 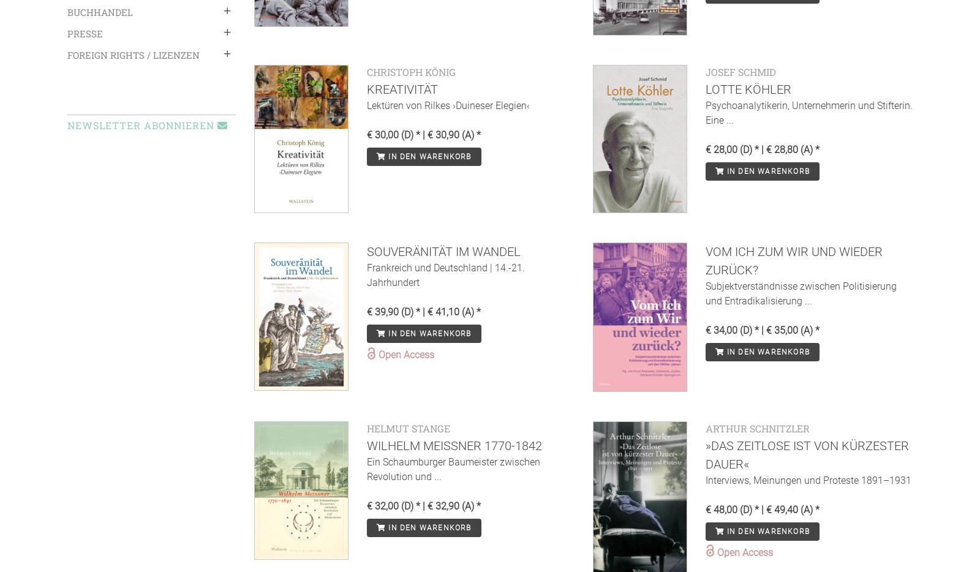 I want to click on 'Ein Schaumburger Baumeister zwischen Revolution und ...', so click(x=453, y=468).